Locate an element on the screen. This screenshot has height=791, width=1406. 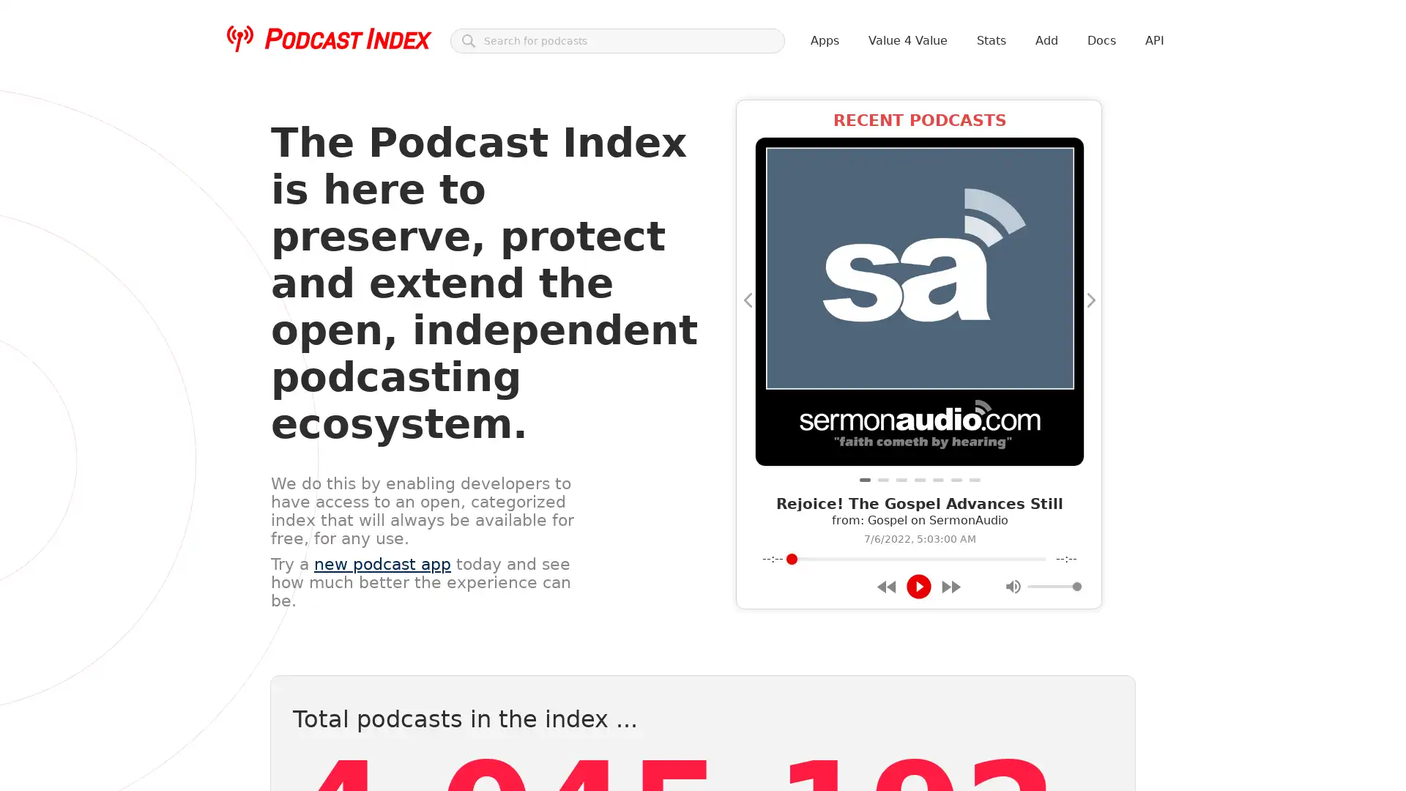
#123 Wirtschafts- und Borsenausblick: Was kommt nach dem "perfekten Sturm"? is located at coordinates (900, 480).